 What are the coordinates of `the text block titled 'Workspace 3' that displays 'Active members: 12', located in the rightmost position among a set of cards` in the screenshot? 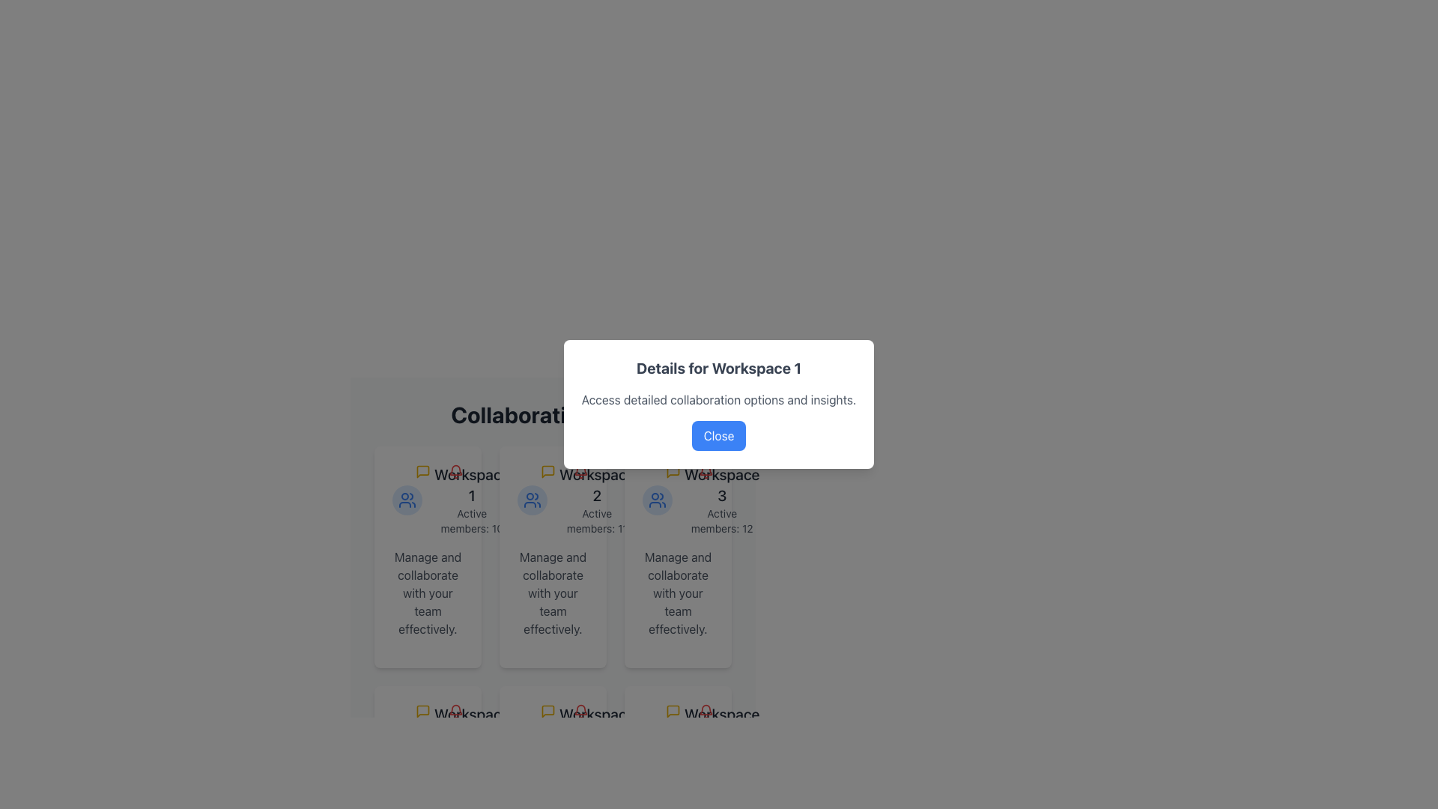 It's located at (722, 500).